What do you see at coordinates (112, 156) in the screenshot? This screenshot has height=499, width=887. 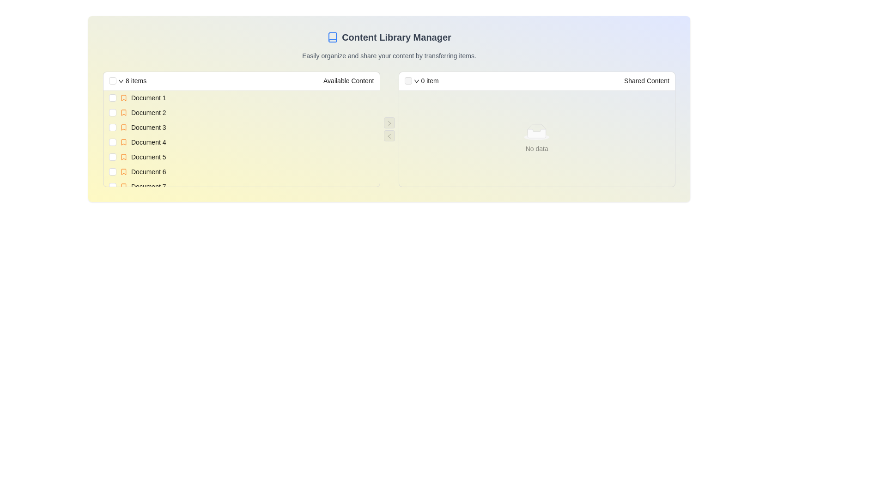 I see `the checkbox for 'Document 5'` at bounding box center [112, 156].